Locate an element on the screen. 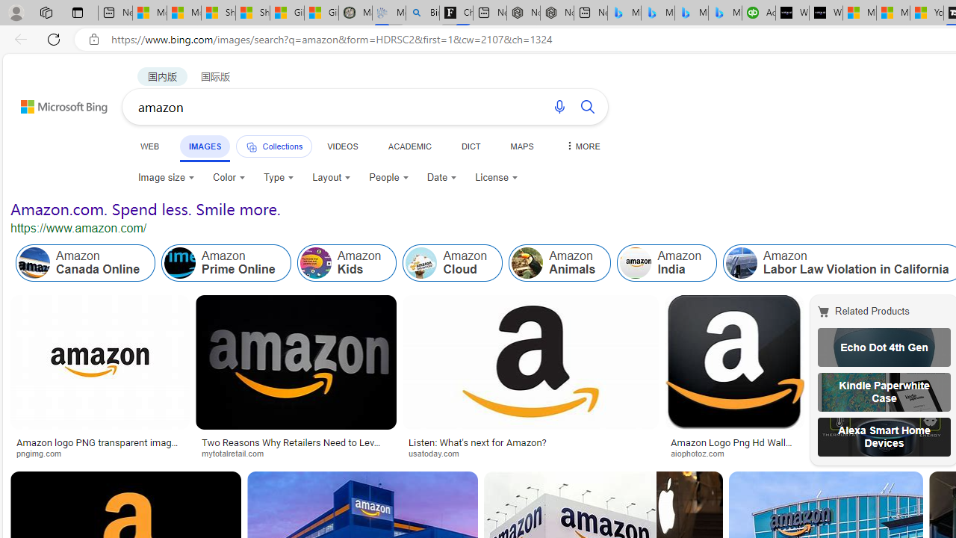 The image size is (956, 538). 'DICT' is located at coordinates (470, 146).